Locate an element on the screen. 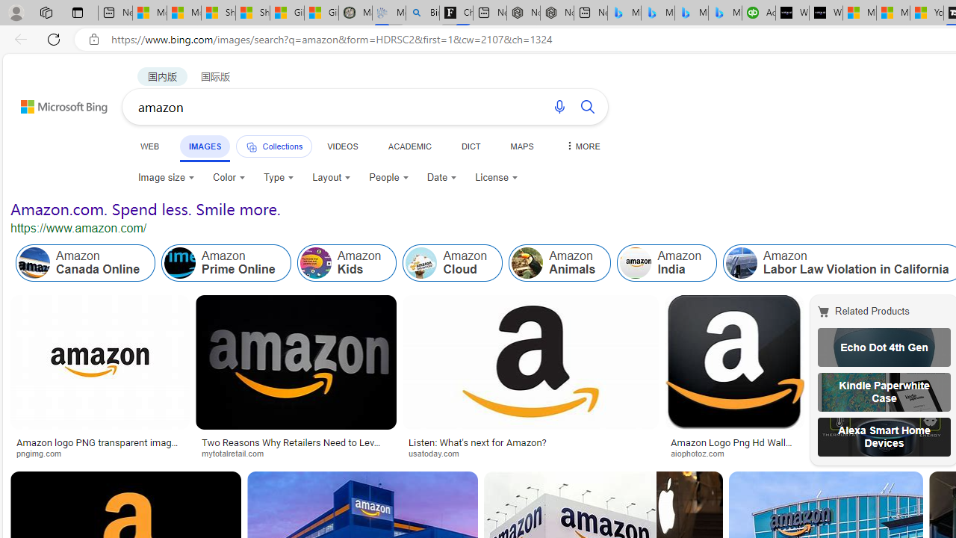 The image size is (956, 538). 'DICT' is located at coordinates (470, 146).